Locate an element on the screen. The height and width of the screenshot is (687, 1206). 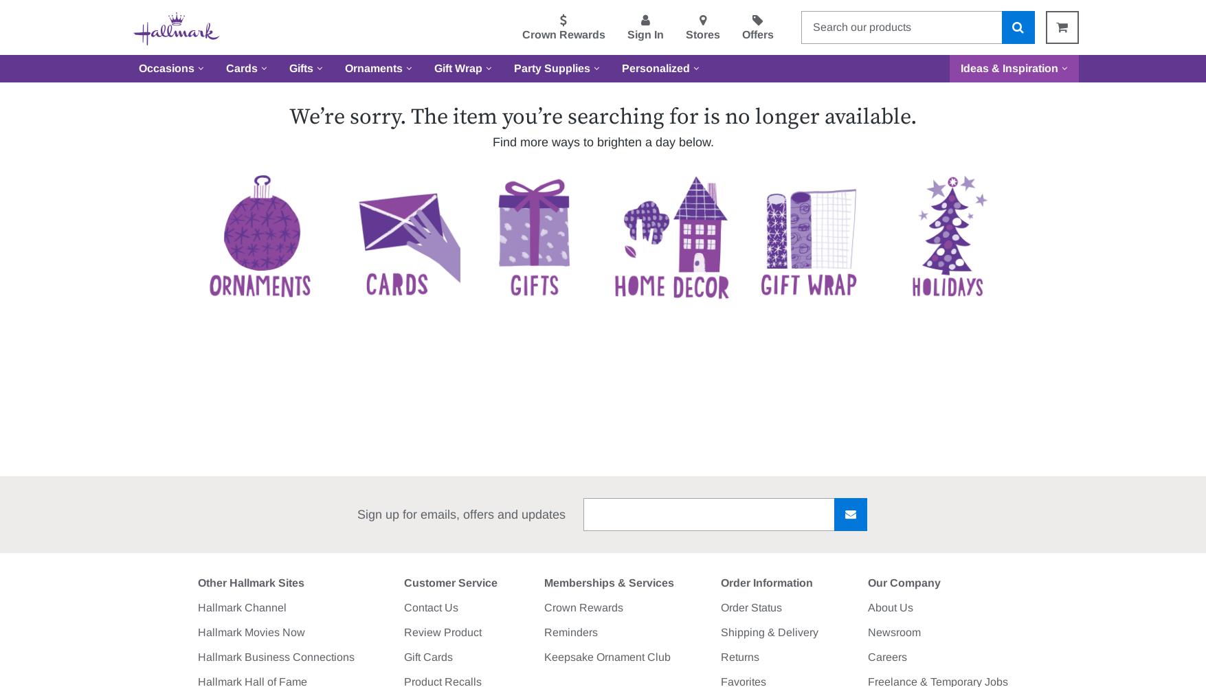
'Keepsake Ornament Club' is located at coordinates (606, 656).